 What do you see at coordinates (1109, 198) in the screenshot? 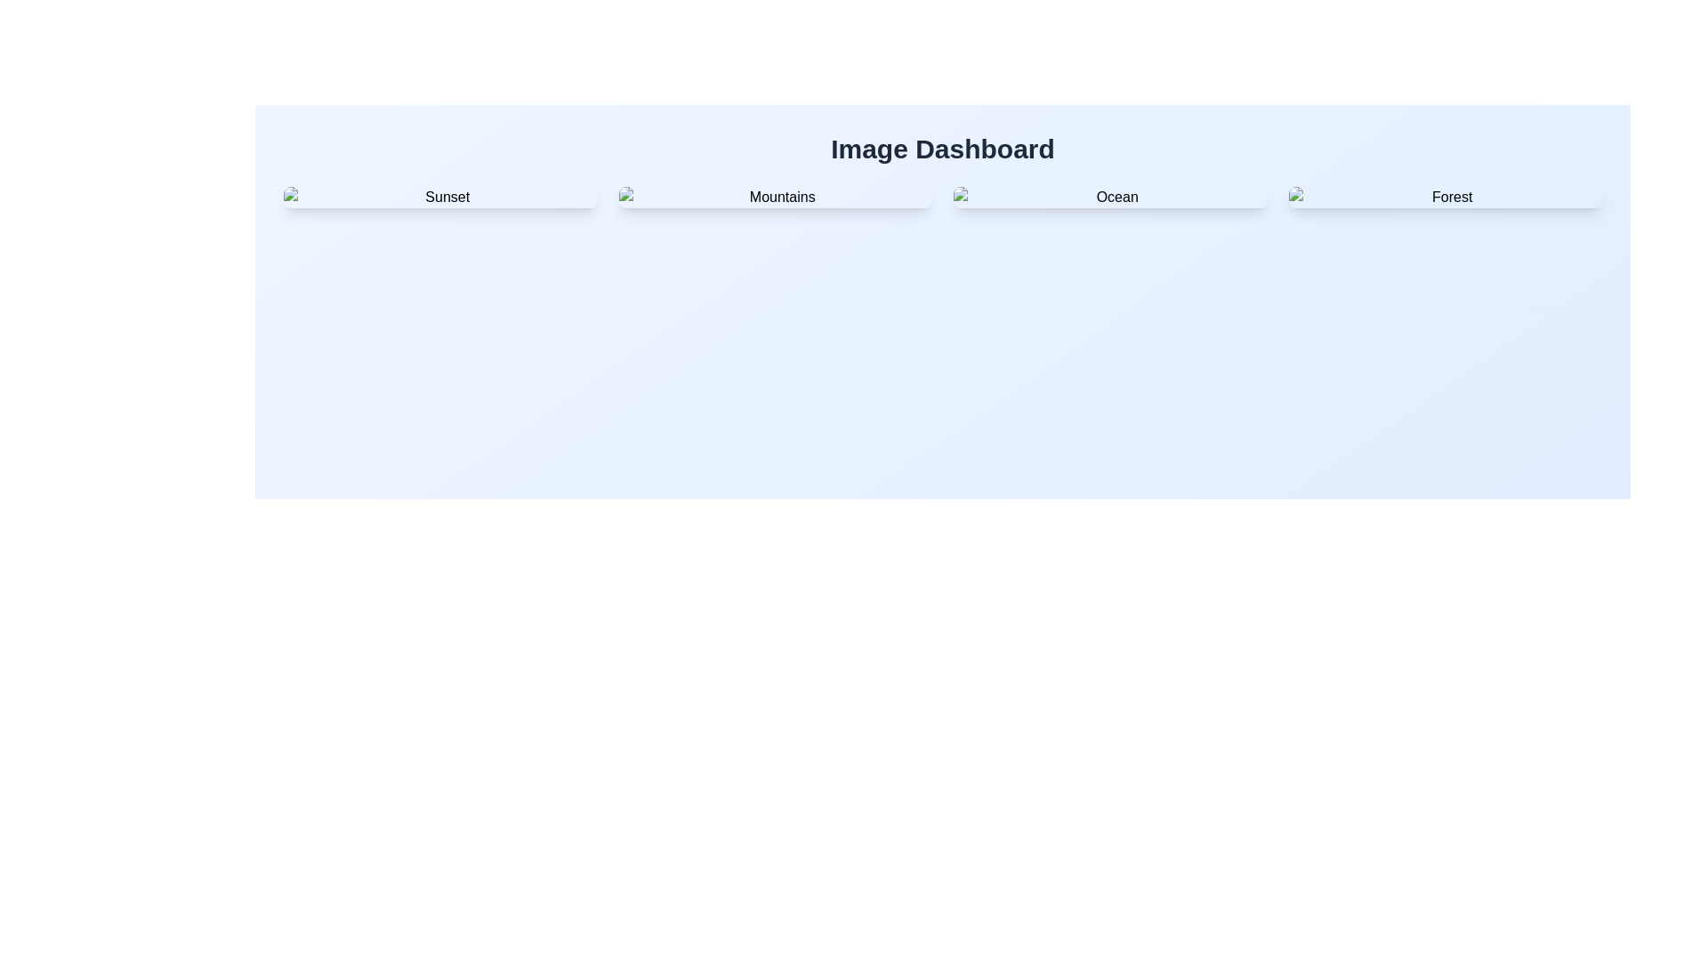
I see `the 'Ocean' category button, which is the third item in a four-column grid layout, positioned between 'Mountains' and 'Forest'` at bounding box center [1109, 198].